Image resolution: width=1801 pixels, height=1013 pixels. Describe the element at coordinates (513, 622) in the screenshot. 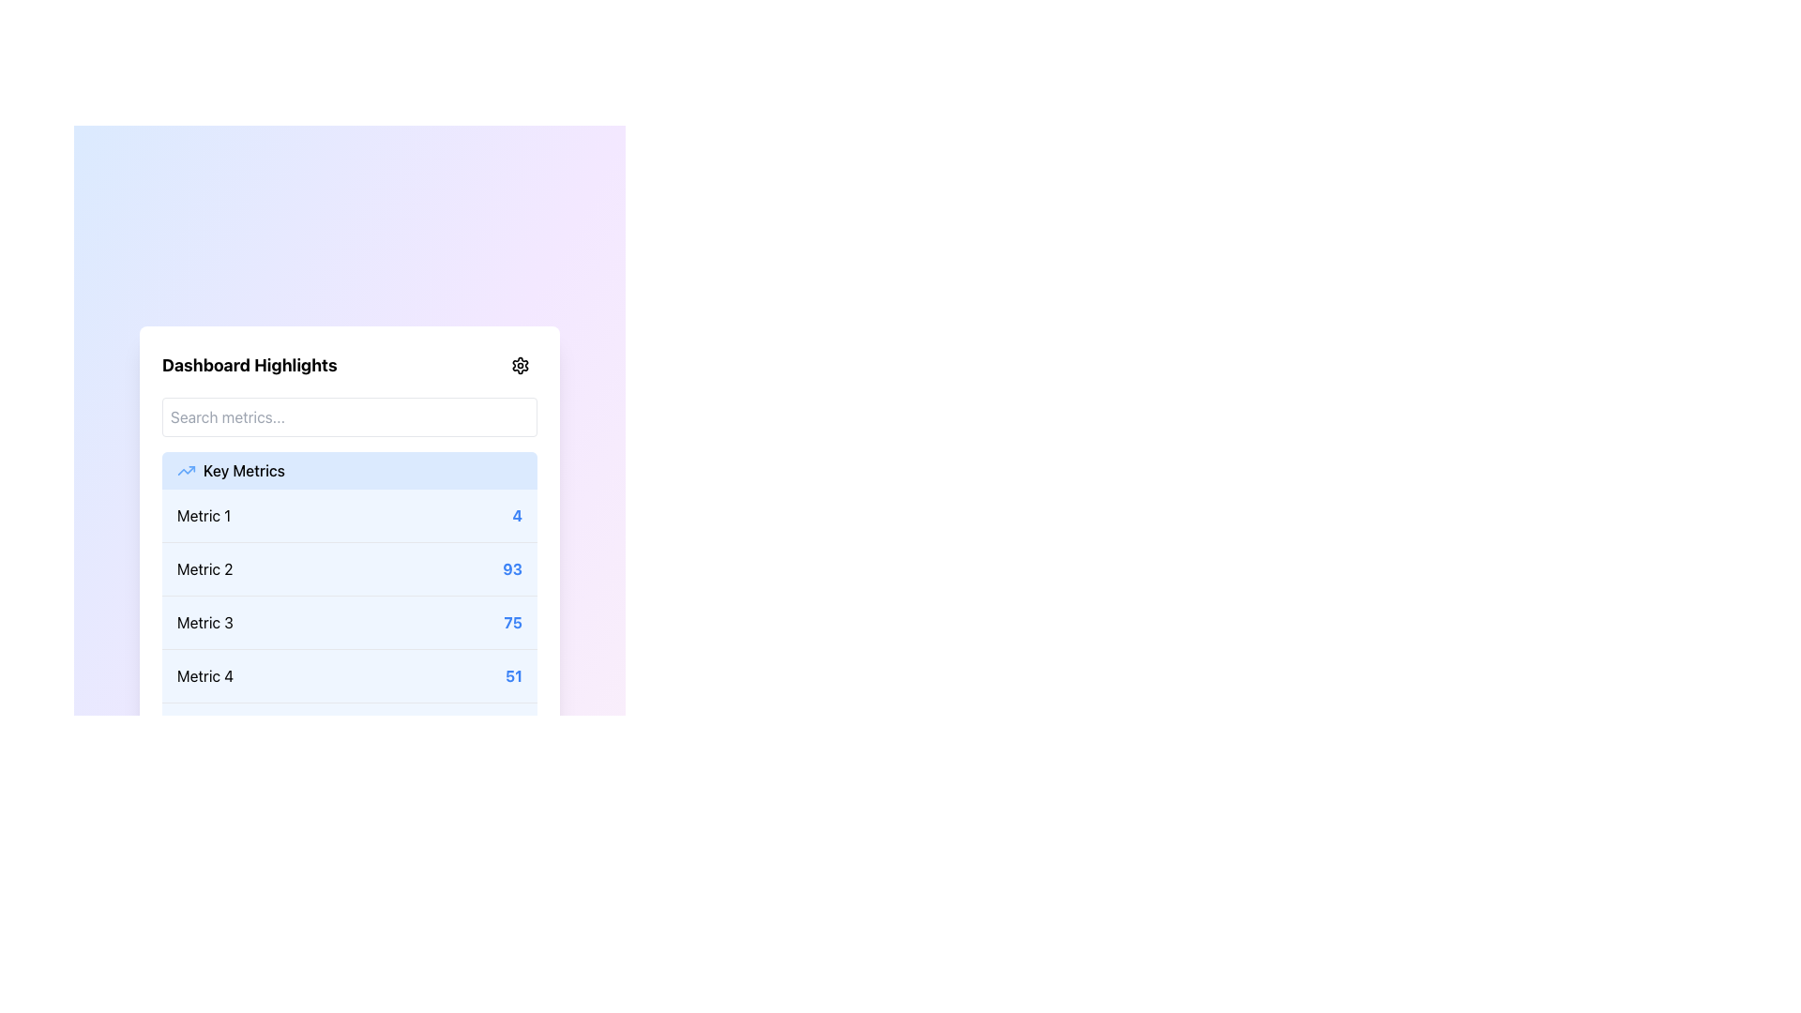

I see `the numeric text '75' styled in bold blue font, located at the right end of the row associated with 'Metric 3' in the 'Key Metrics' section` at that location.